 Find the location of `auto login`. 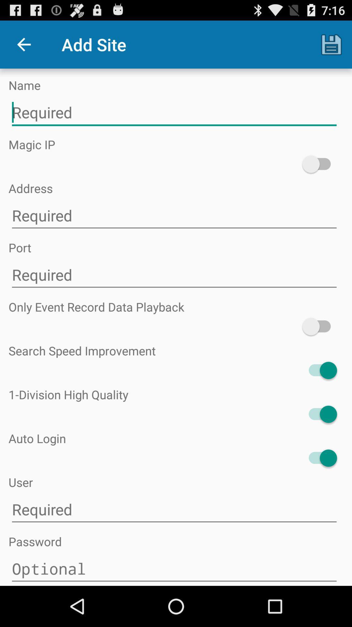

auto login is located at coordinates (319, 458).